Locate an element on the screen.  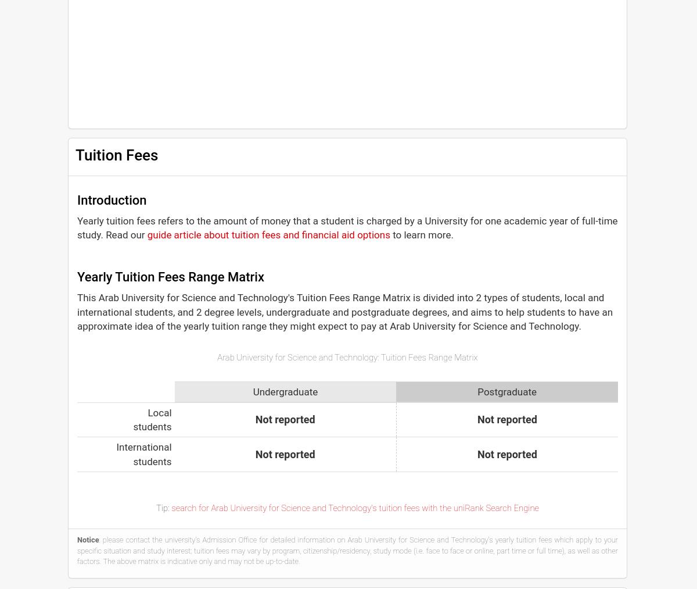
'Tuition Fees' is located at coordinates (116, 155).